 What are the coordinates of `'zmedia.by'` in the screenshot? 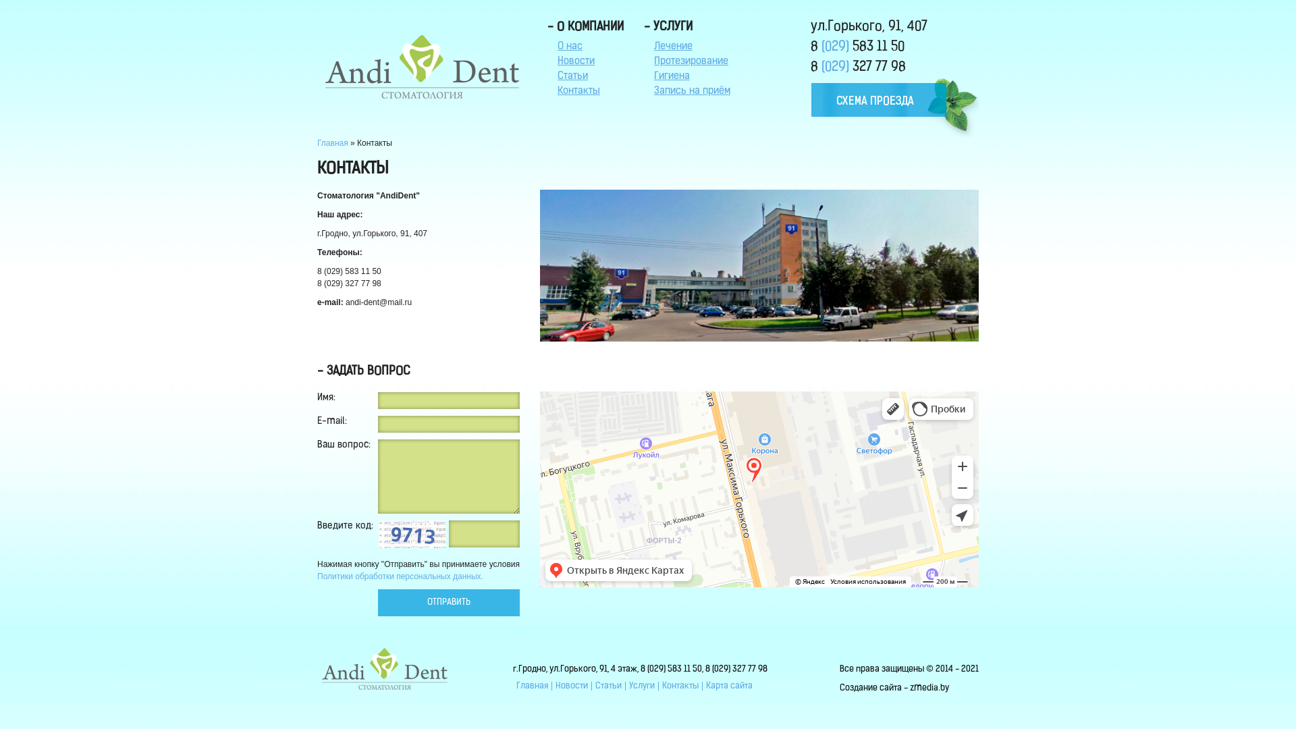 It's located at (910, 688).